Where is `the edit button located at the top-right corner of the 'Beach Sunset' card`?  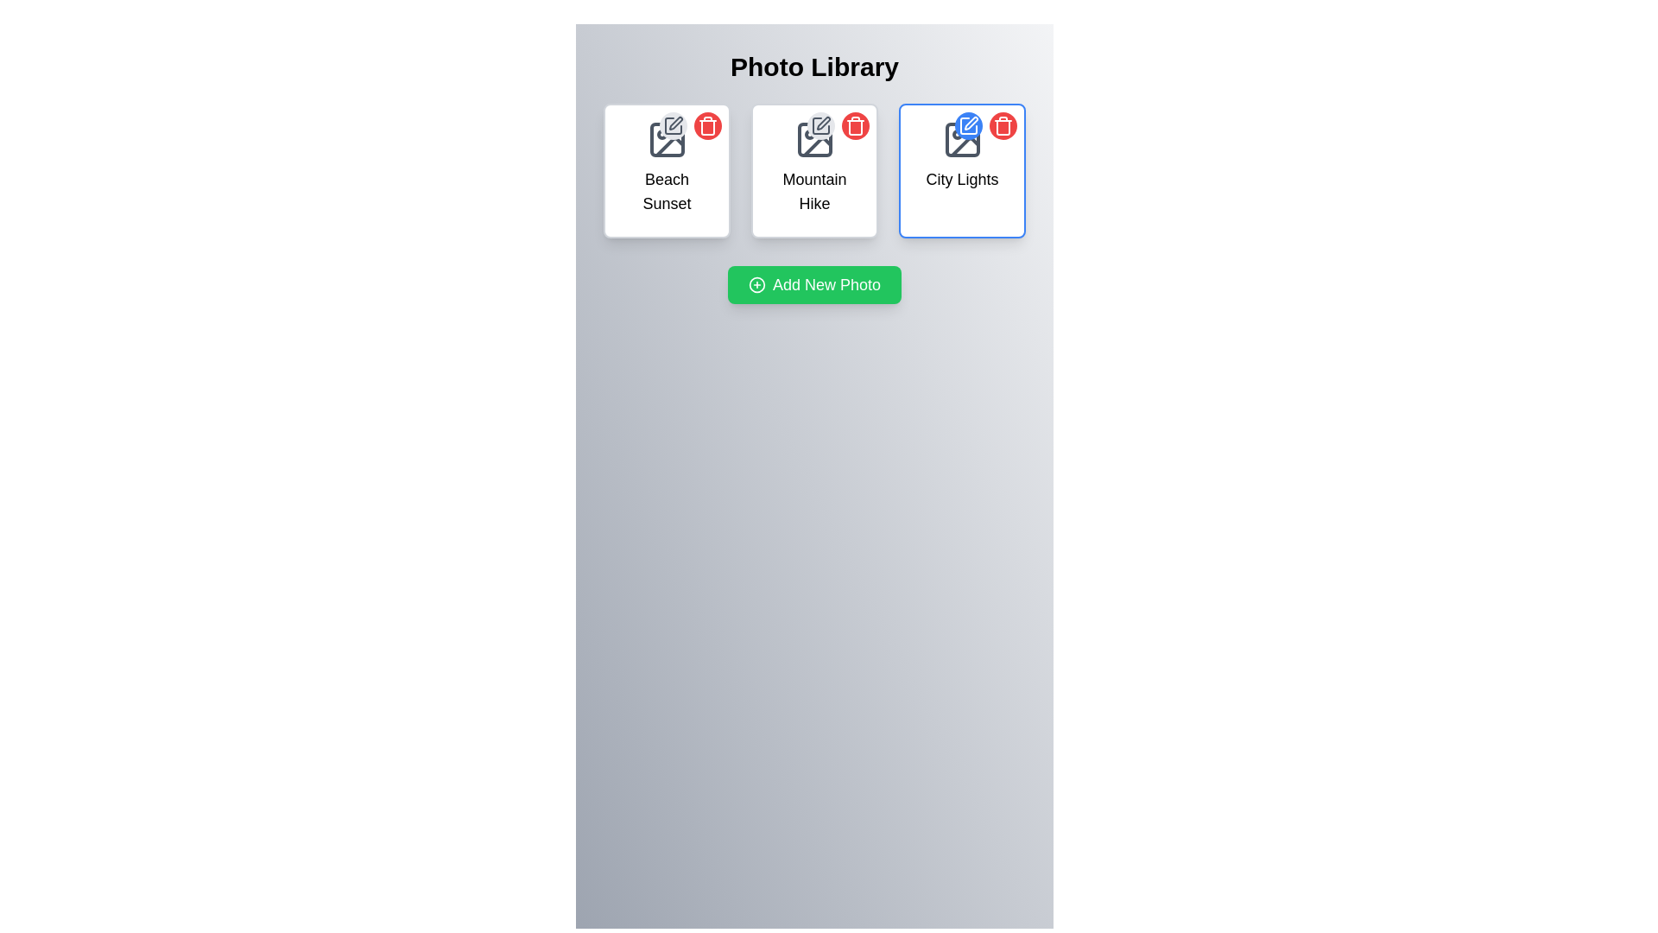 the edit button located at the top-right corner of the 'Beach Sunset' card is located at coordinates (672, 125).